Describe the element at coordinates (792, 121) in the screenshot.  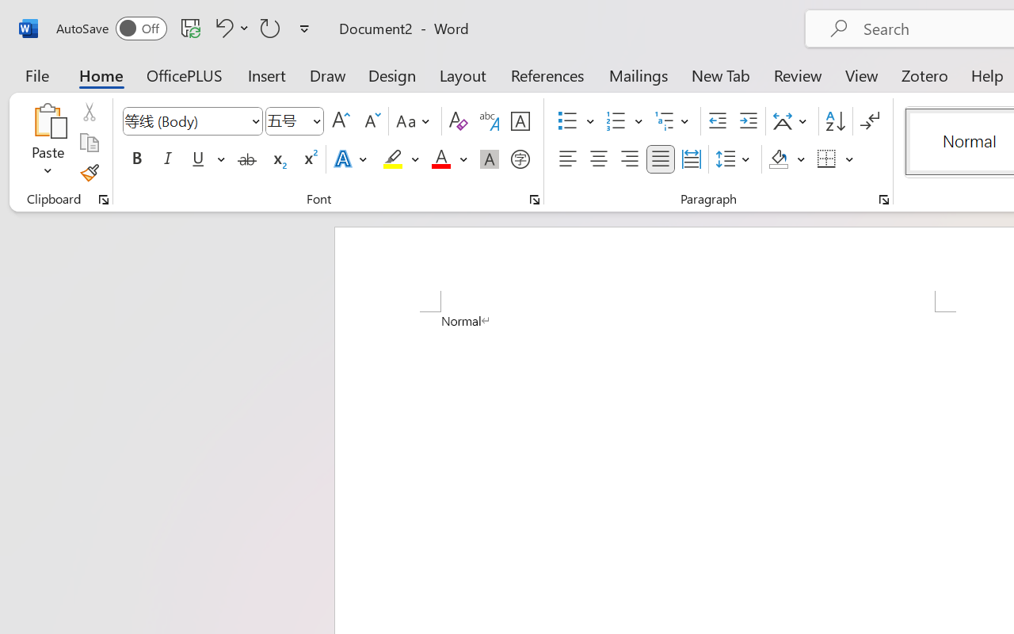
I see `'Asian Layout'` at that location.